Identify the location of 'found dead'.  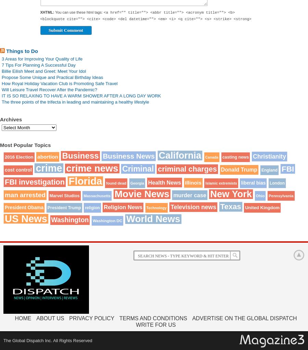
(116, 183).